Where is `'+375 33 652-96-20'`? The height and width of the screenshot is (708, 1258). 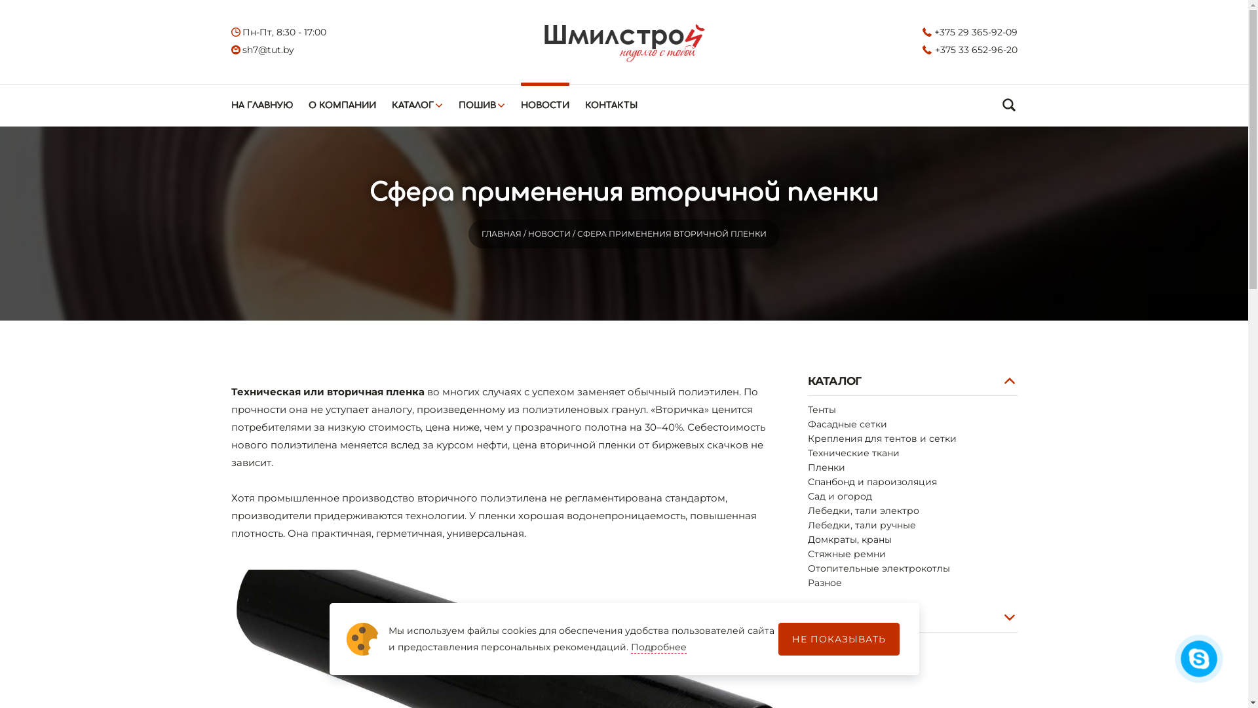 '+375 33 652-96-20' is located at coordinates (970, 49).